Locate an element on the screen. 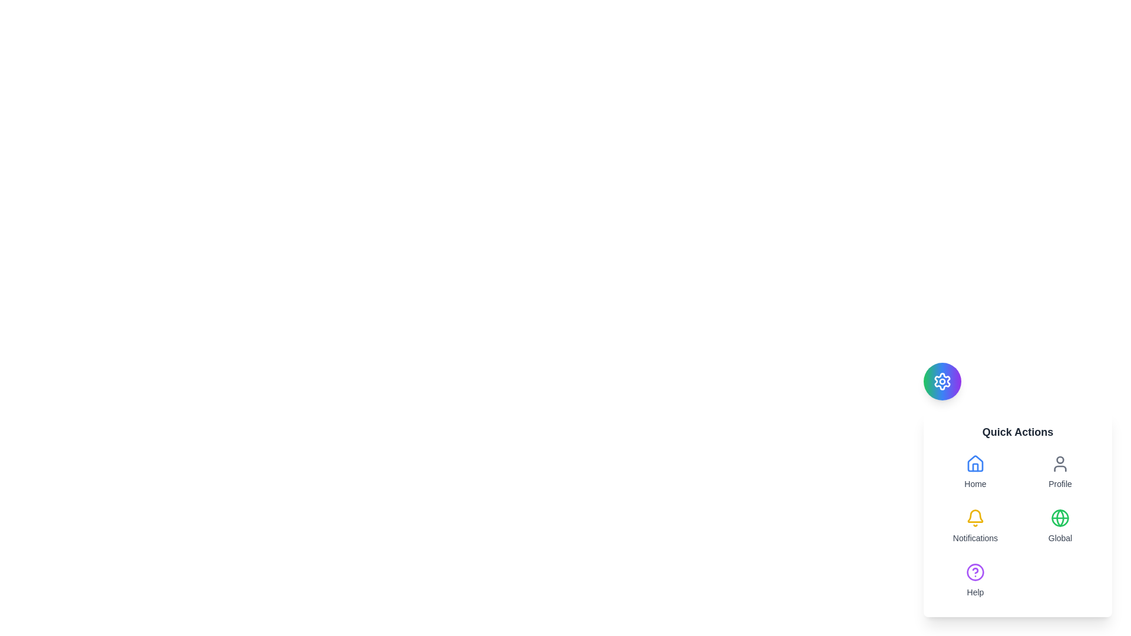  the 'Quick Actions' grid layout element is located at coordinates (1017, 490).